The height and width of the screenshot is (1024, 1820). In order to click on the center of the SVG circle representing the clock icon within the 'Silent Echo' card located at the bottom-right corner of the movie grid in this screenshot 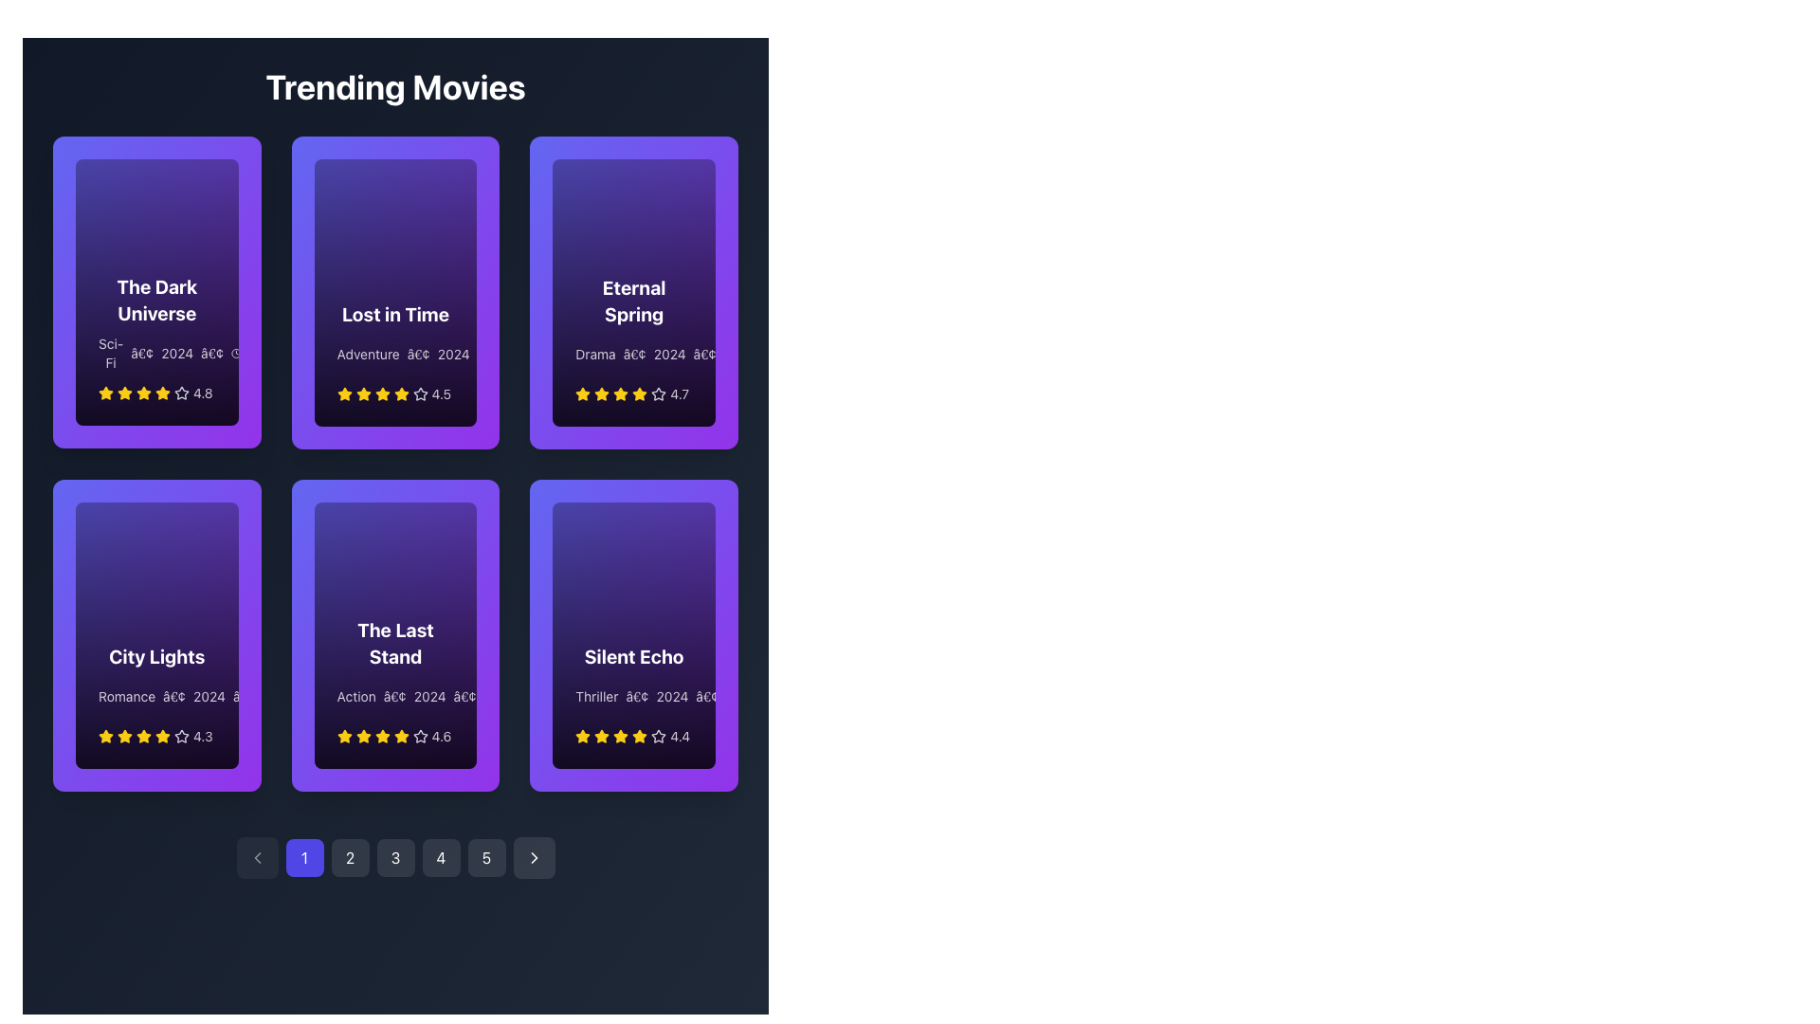, I will do `click(730, 697)`.